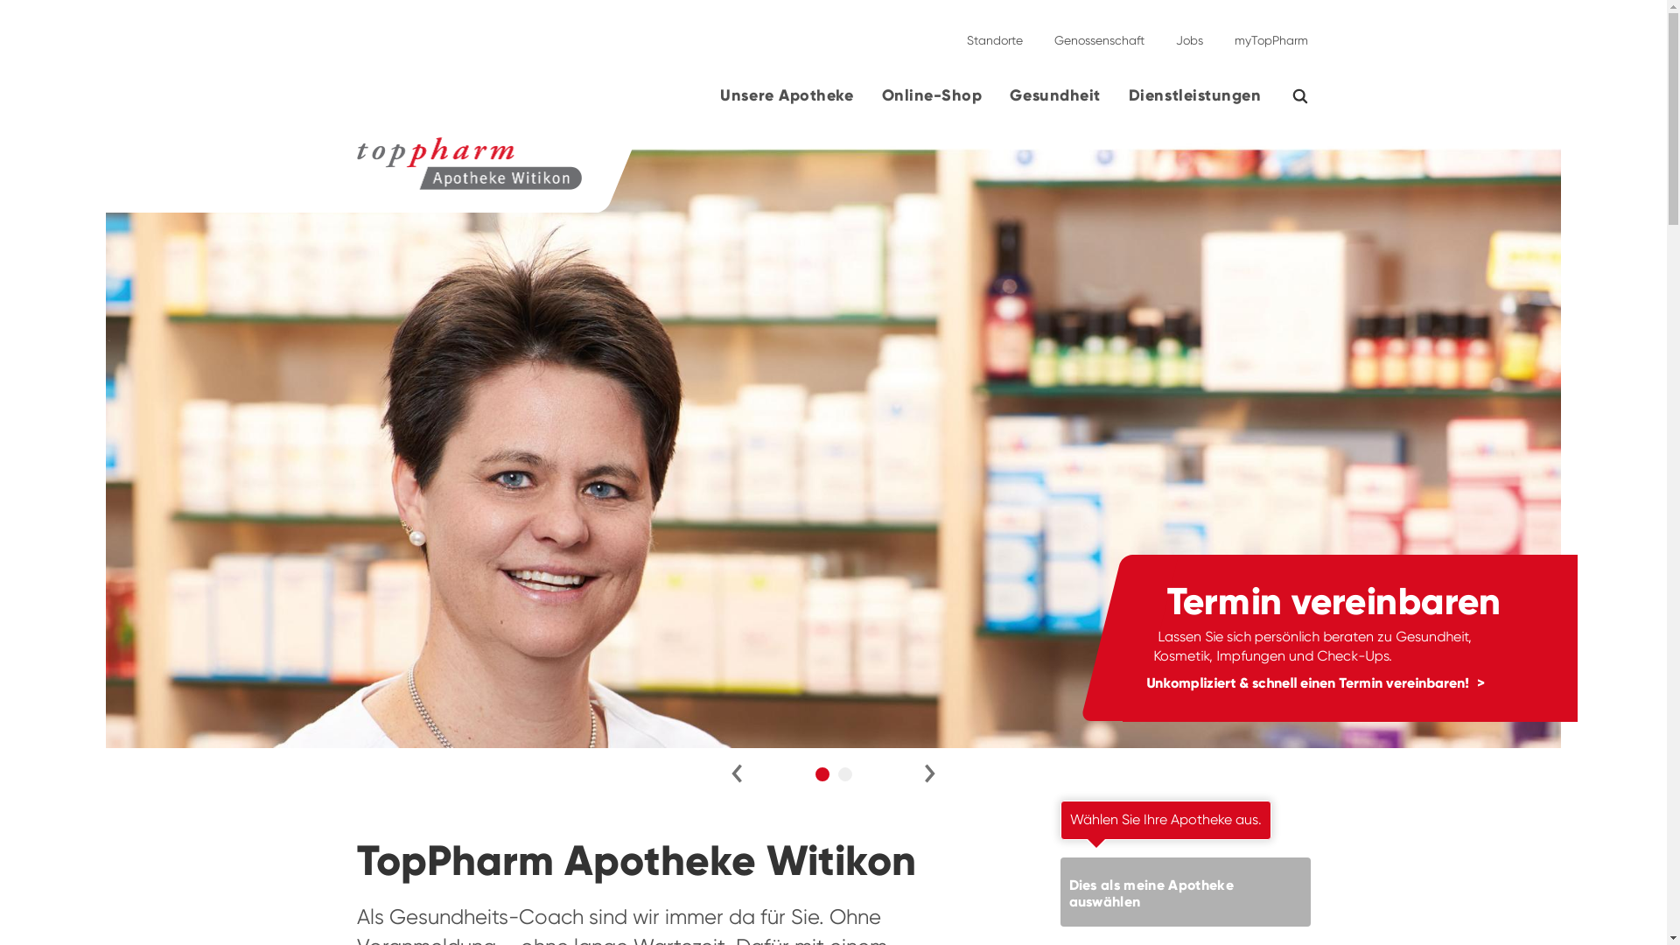 The width and height of the screenshot is (1680, 945). Describe the element at coordinates (1218, 33) in the screenshot. I see `'myTopPharm'` at that location.